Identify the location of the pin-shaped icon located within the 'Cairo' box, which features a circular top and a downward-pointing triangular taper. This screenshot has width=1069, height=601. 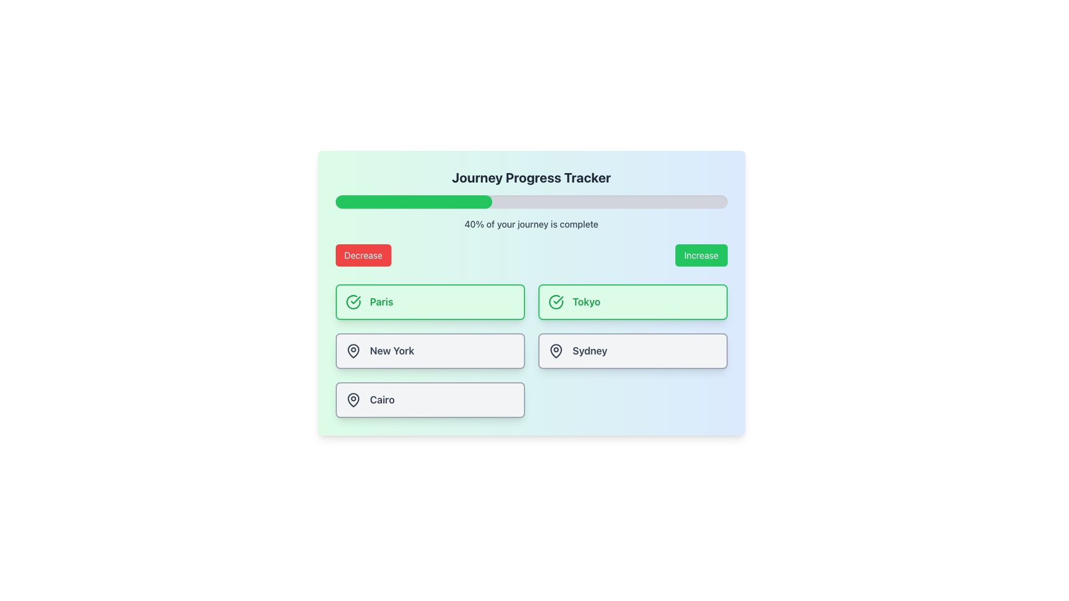
(352, 399).